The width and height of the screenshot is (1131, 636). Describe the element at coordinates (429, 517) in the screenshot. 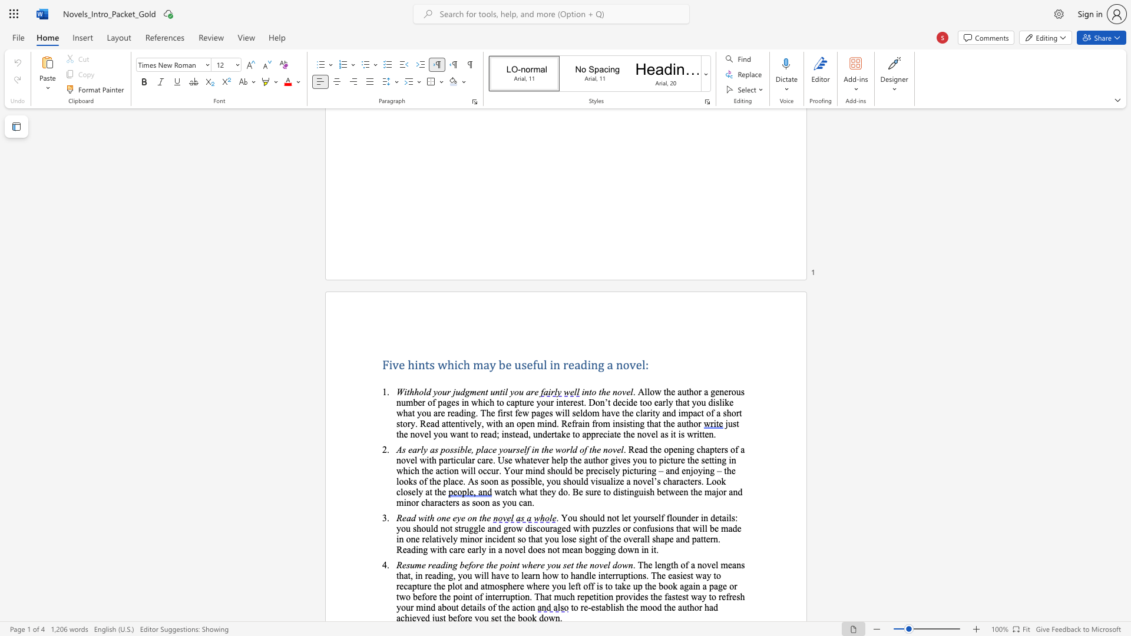

I see `the subset text "h o" within the text "Read with one eye on the"` at that location.